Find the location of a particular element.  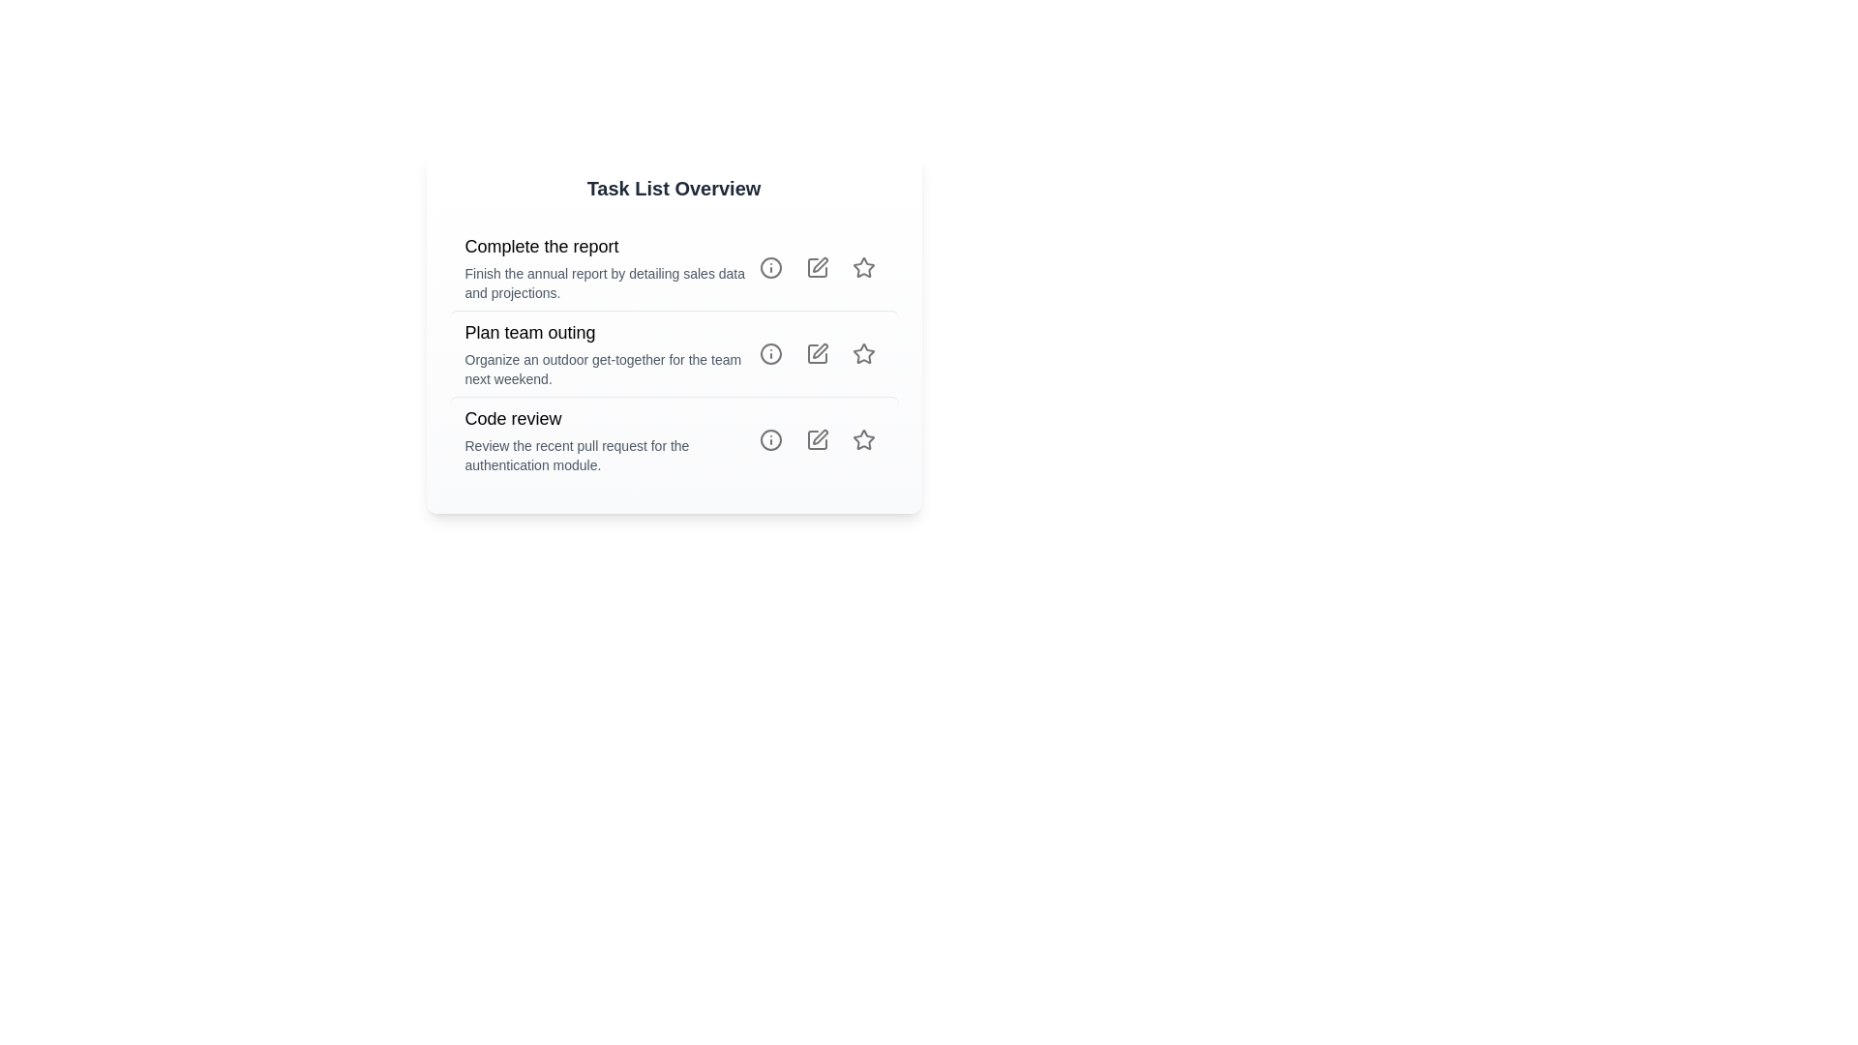

the star icon at the far right of the 'Complete the report' task entry is located at coordinates (862, 267).